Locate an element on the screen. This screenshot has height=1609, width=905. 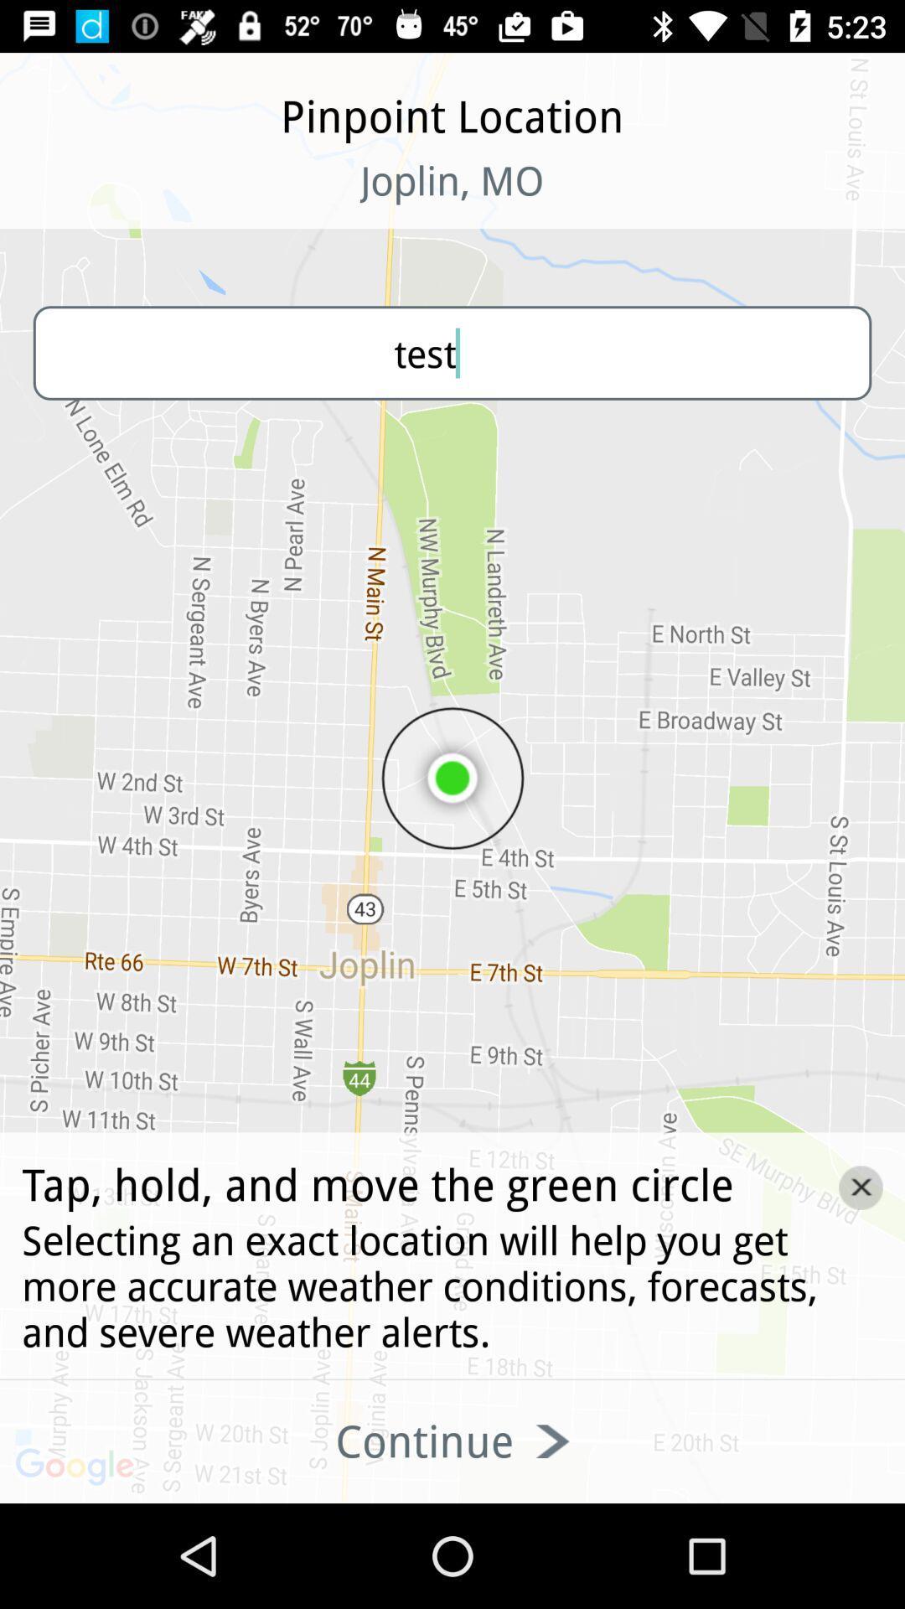
the close icon is located at coordinates (861, 1187).